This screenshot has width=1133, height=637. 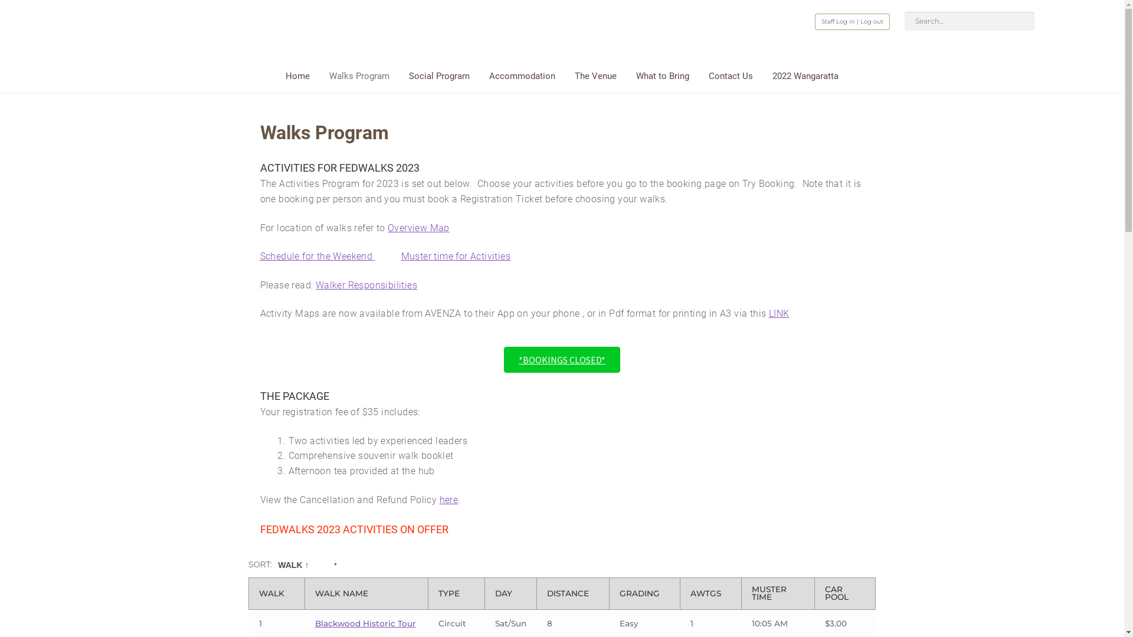 I want to click on 'Schedule for the Weekend ', so click(x=317, y=255).